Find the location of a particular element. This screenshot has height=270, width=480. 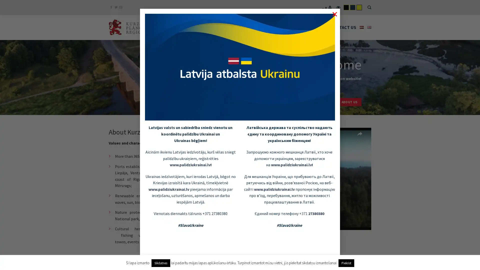

flatsome-child is located at coordinates (352, 7).